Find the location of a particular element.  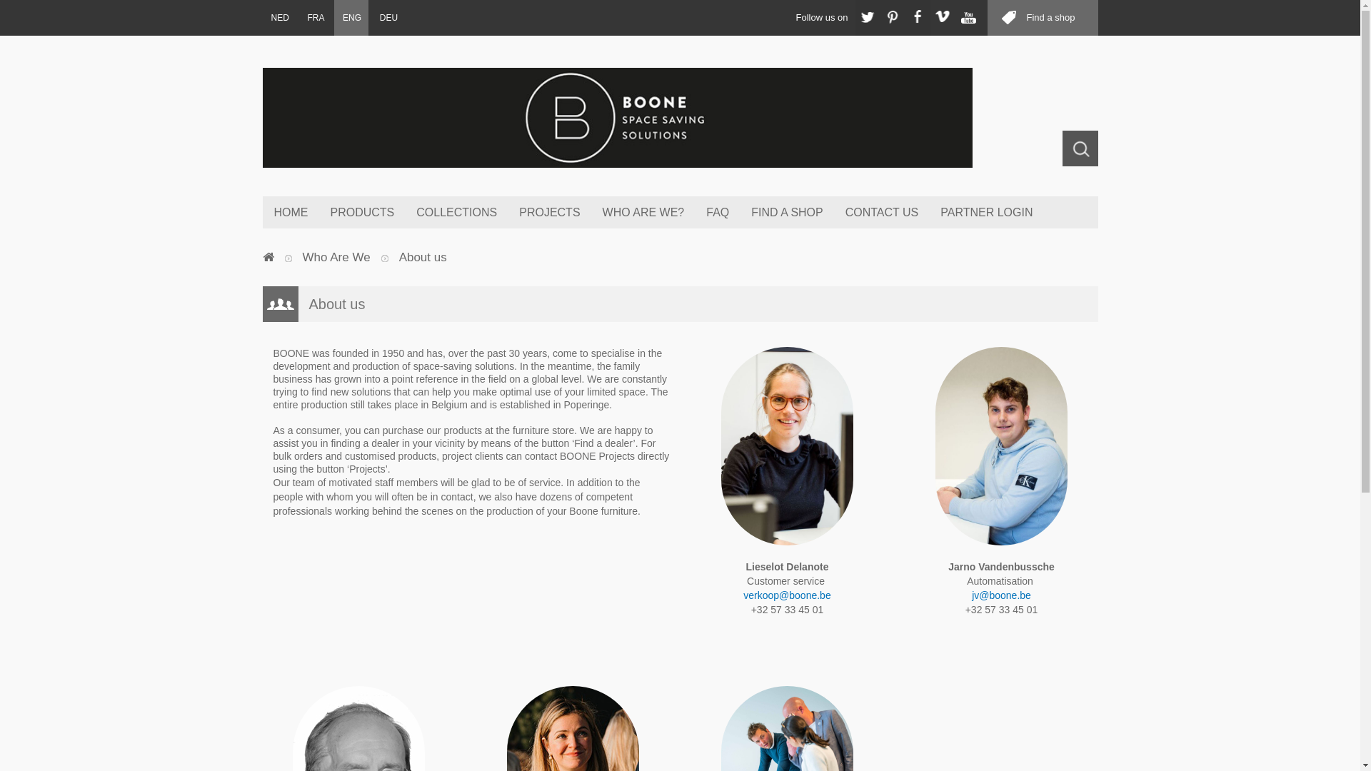

'FAQ' is located at coordinates (695, 212).